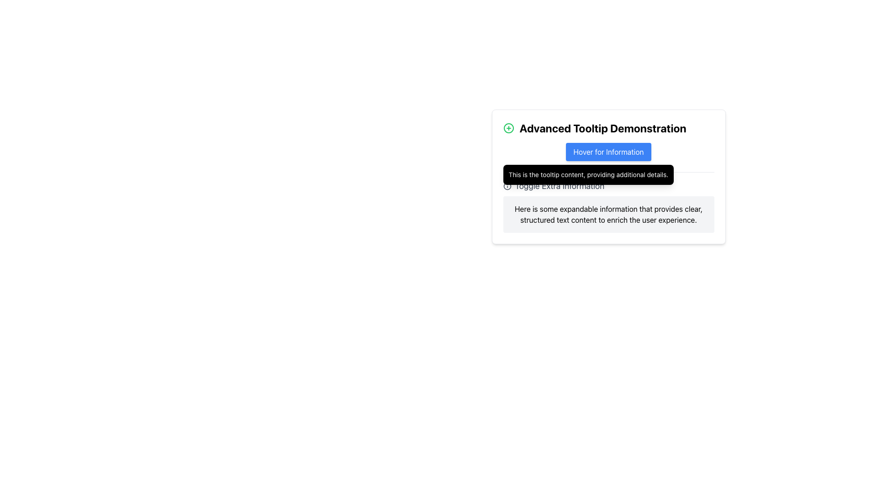 The image size is (877, 493). Describe the element at coordinates (553, 186) in the screenshot. I see `the toggle button that triggers the display of additional information in the section below the 'Hover for Information' button` at that location.